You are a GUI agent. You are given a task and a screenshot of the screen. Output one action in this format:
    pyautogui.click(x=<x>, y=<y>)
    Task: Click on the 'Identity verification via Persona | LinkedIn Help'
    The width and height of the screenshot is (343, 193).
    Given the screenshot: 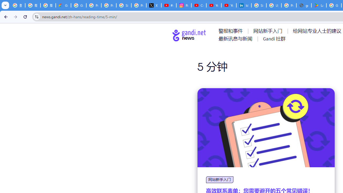 What is the action you would take?
    pyautogui.click(x=244, y=5)
    